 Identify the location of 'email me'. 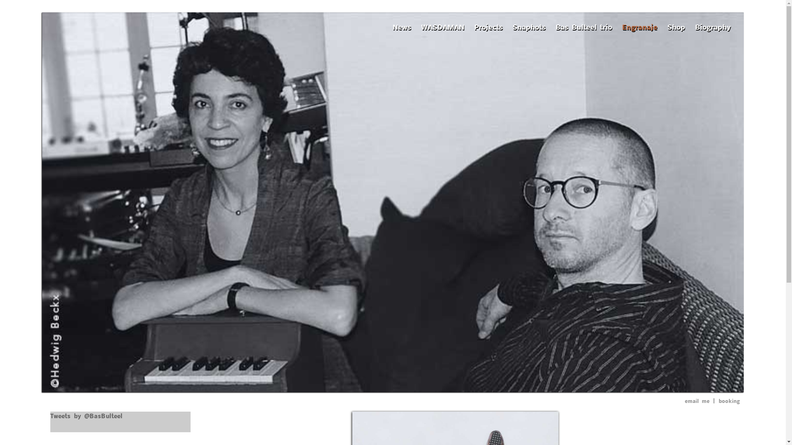
(696, 400).